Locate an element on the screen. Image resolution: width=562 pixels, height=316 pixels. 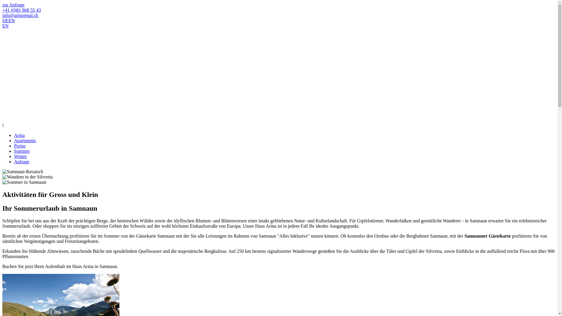
'Samnaun Apartment Garni Arina' is located at coordinates (53, 51).